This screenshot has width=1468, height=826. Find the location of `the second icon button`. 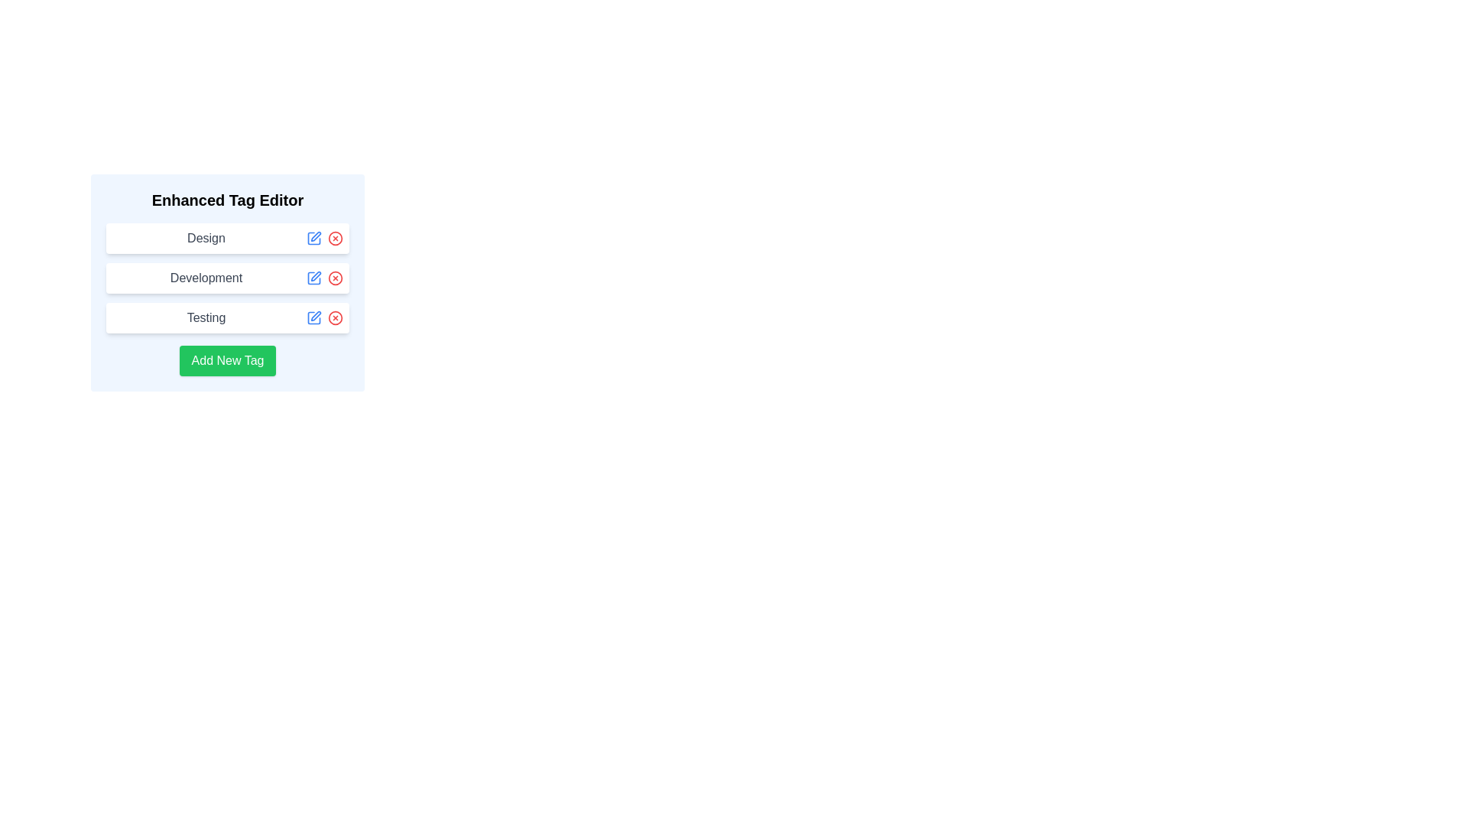

the second icon button is located at coordinates (334, 278).